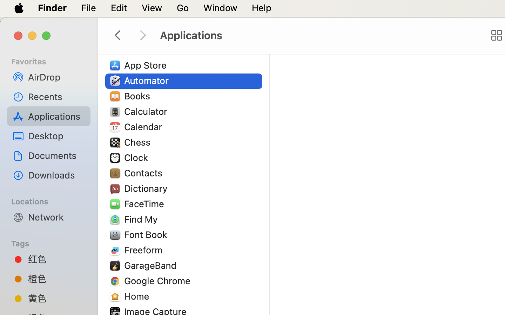 This screenshot has height=315, width=505. Describe the element at coordinates (53, 242) in the screenshot. I see `'Tags'` at that location.